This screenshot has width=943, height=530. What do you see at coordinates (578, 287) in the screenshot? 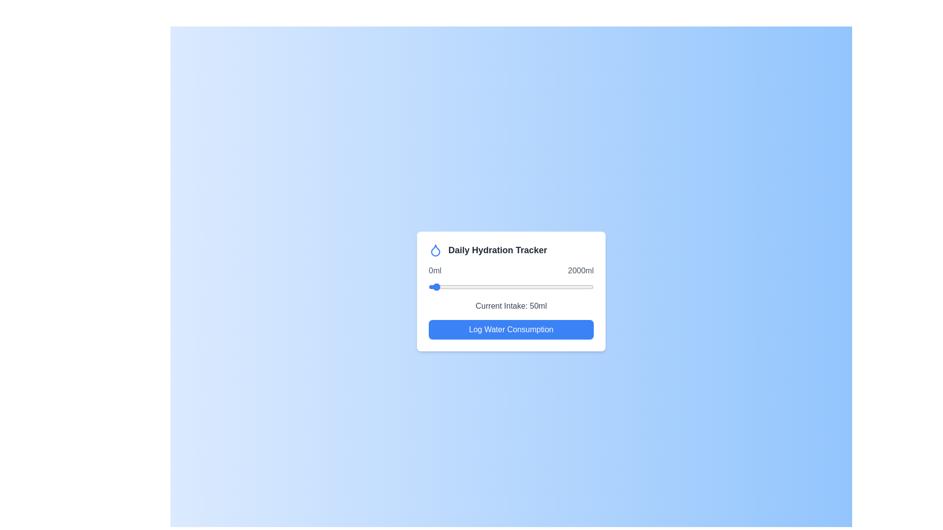
I see `the hydration slider to set the water intake to 1810 ml` at bounding box center [578, 287].